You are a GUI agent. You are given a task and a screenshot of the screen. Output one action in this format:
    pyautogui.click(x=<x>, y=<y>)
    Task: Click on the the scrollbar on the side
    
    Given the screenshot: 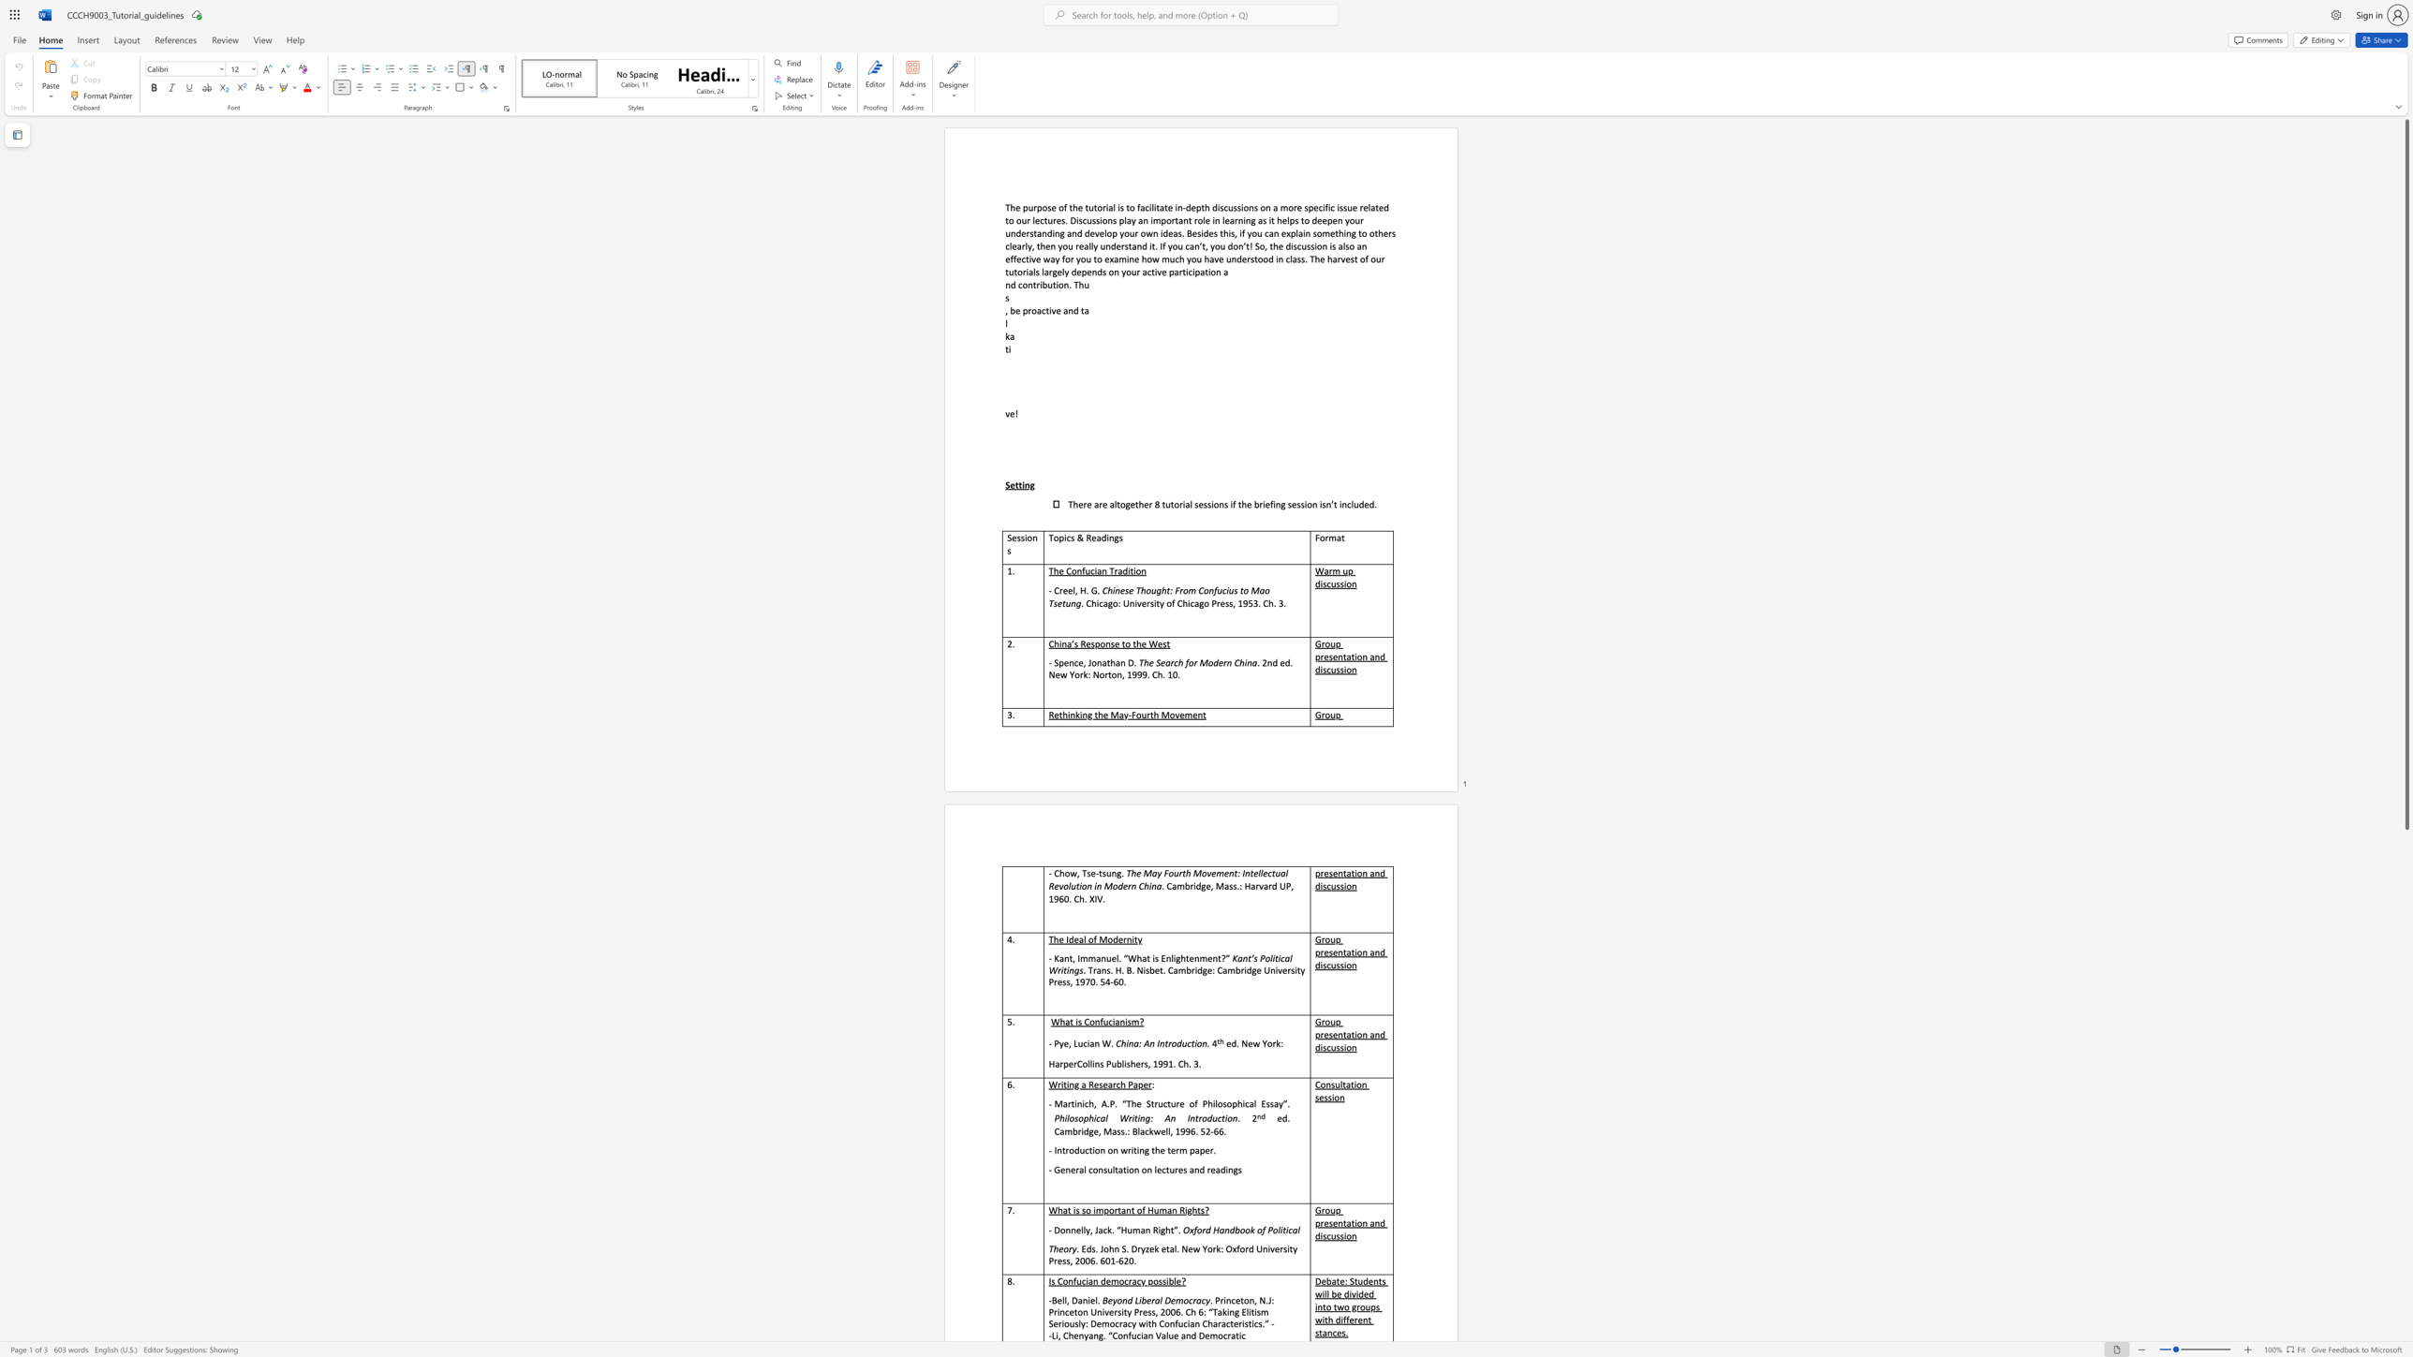 What is the action you would take?
    pyautogui.click(x=2406, y=1280)
    